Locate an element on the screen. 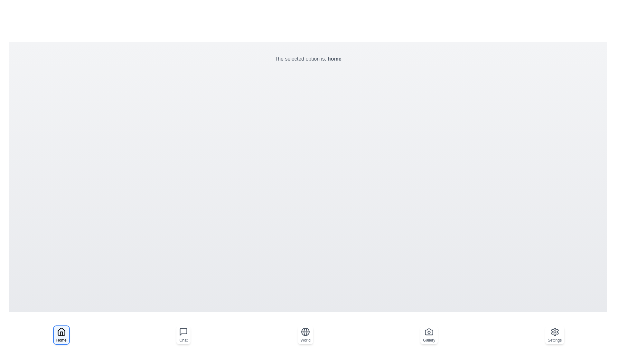 Image resolution: width=618 pixels, height=348 pixels. the navigation option home to select it is located at coordinates (61, 335).